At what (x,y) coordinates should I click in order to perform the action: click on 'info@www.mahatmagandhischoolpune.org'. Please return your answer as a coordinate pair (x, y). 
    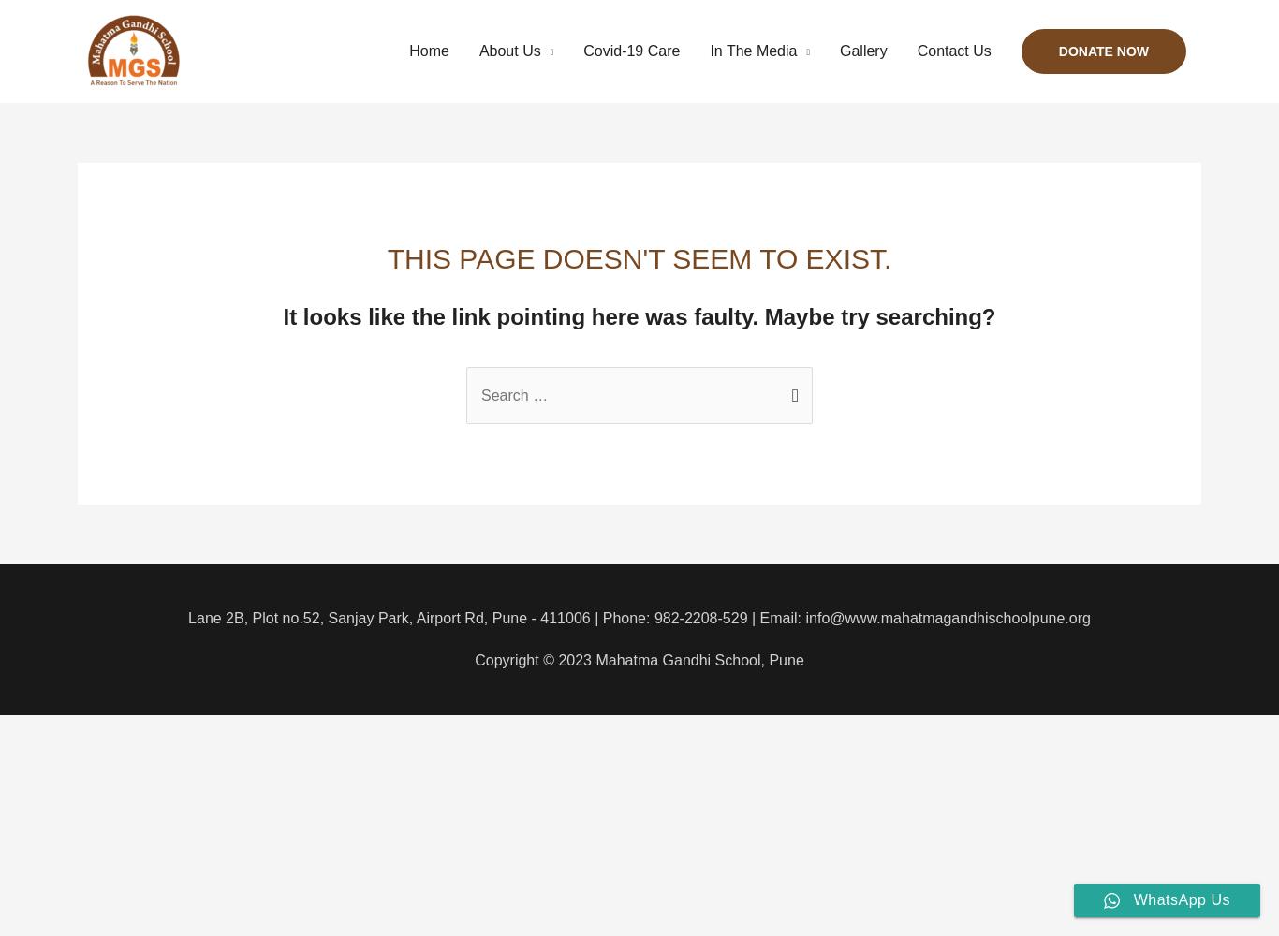
    Looking at the image, I should click on (947, 617).